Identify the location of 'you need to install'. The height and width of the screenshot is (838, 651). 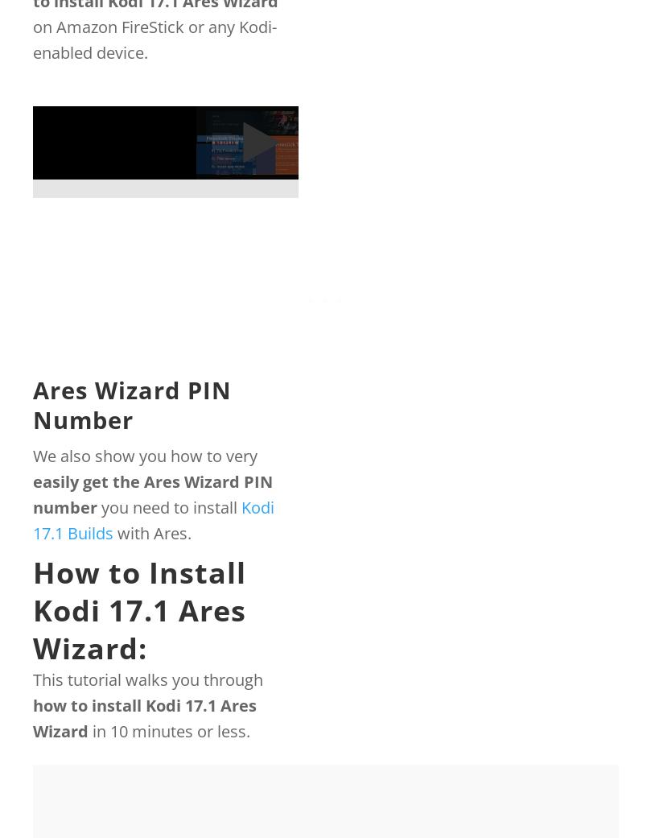
(168, 506).